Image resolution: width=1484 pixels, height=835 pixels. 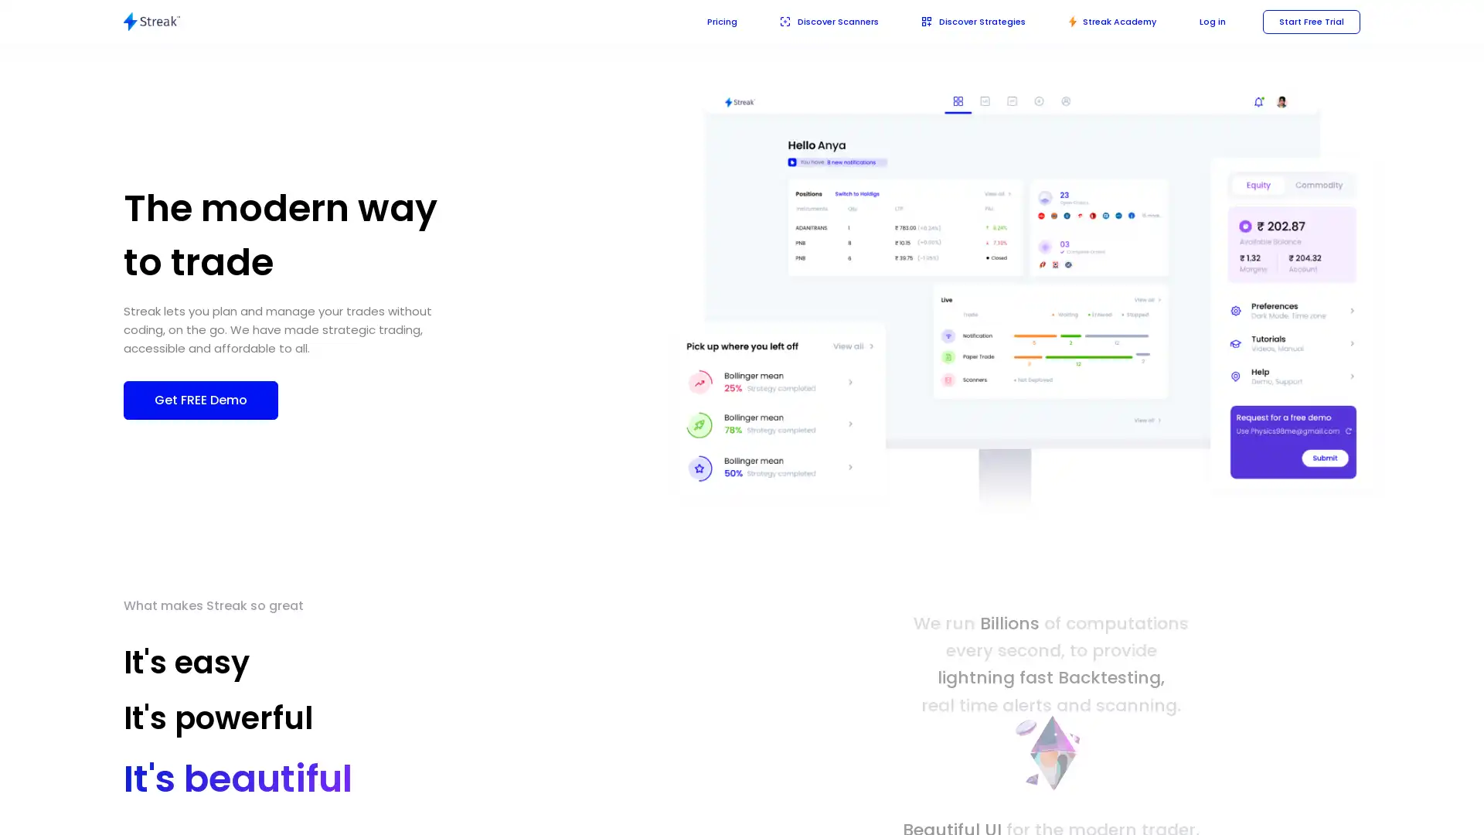 I want to click on Discover Scanners, so click(x=809, y=21).